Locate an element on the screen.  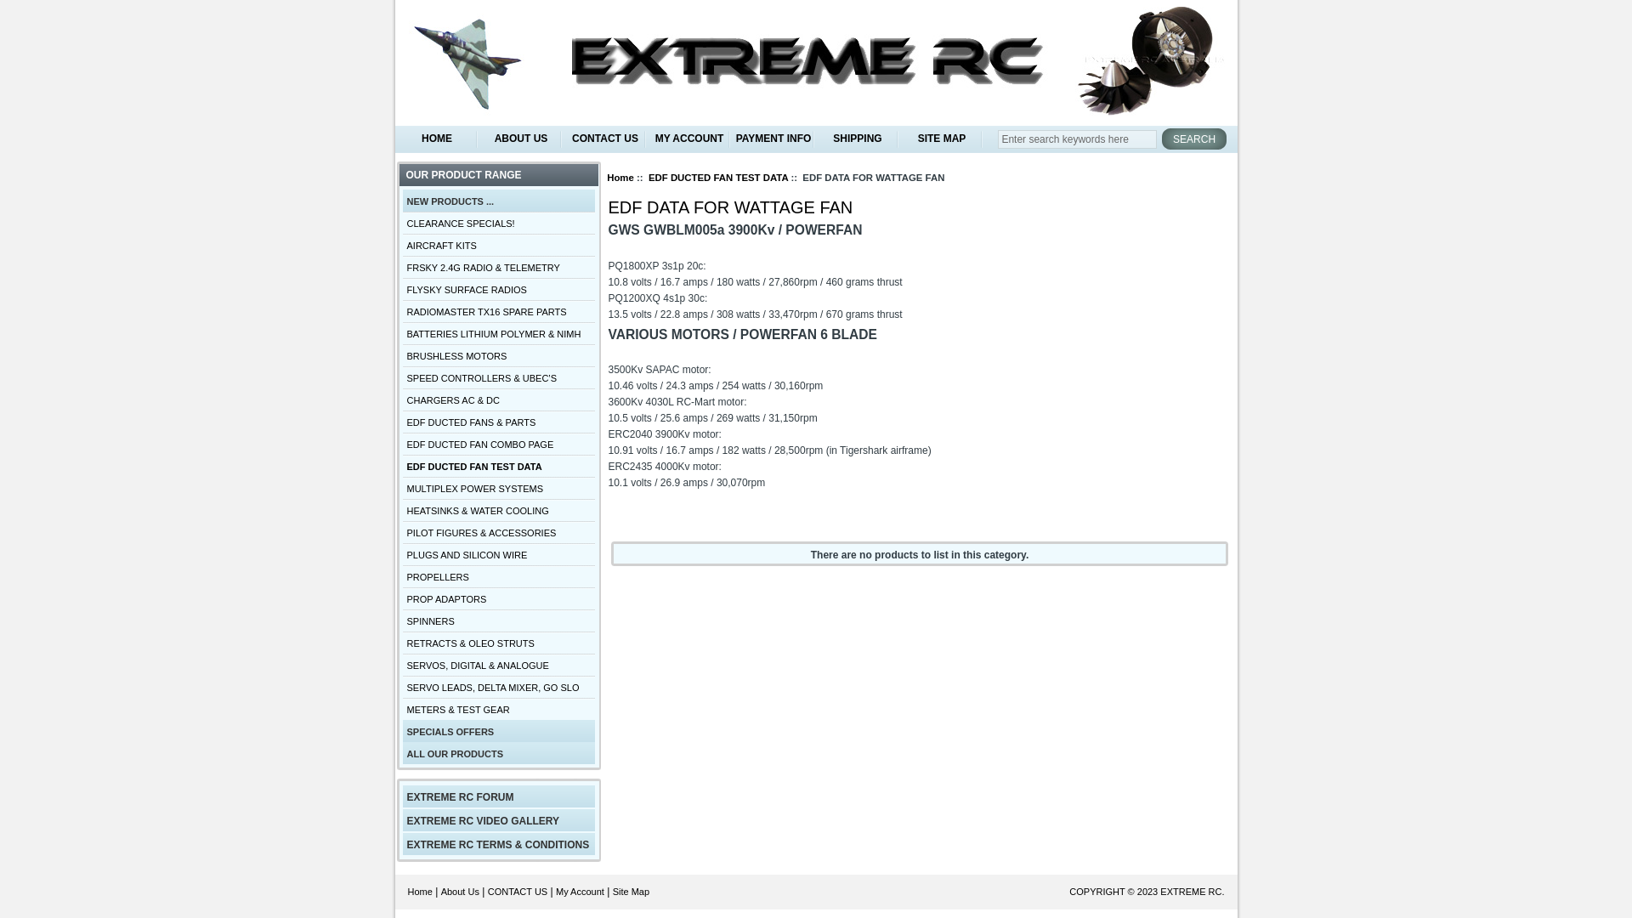
'ALL OUR PRODUCTS' is located at coordinates (497, 752).